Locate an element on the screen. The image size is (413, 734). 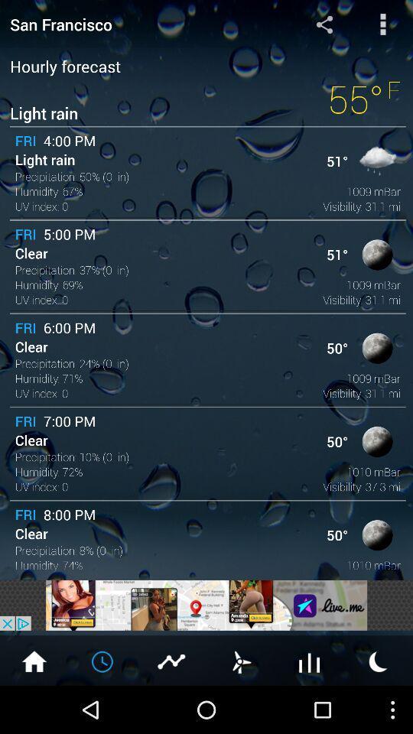
share the weather detail is located at coordinates (324, 23).